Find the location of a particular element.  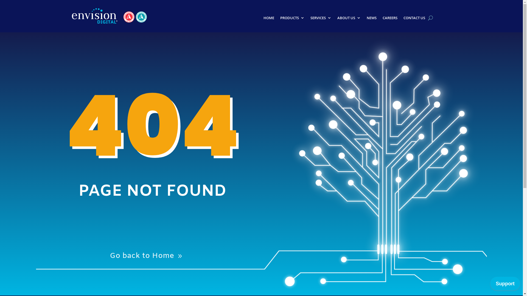

'ABOUT US' is located at coordinates (349, 19).